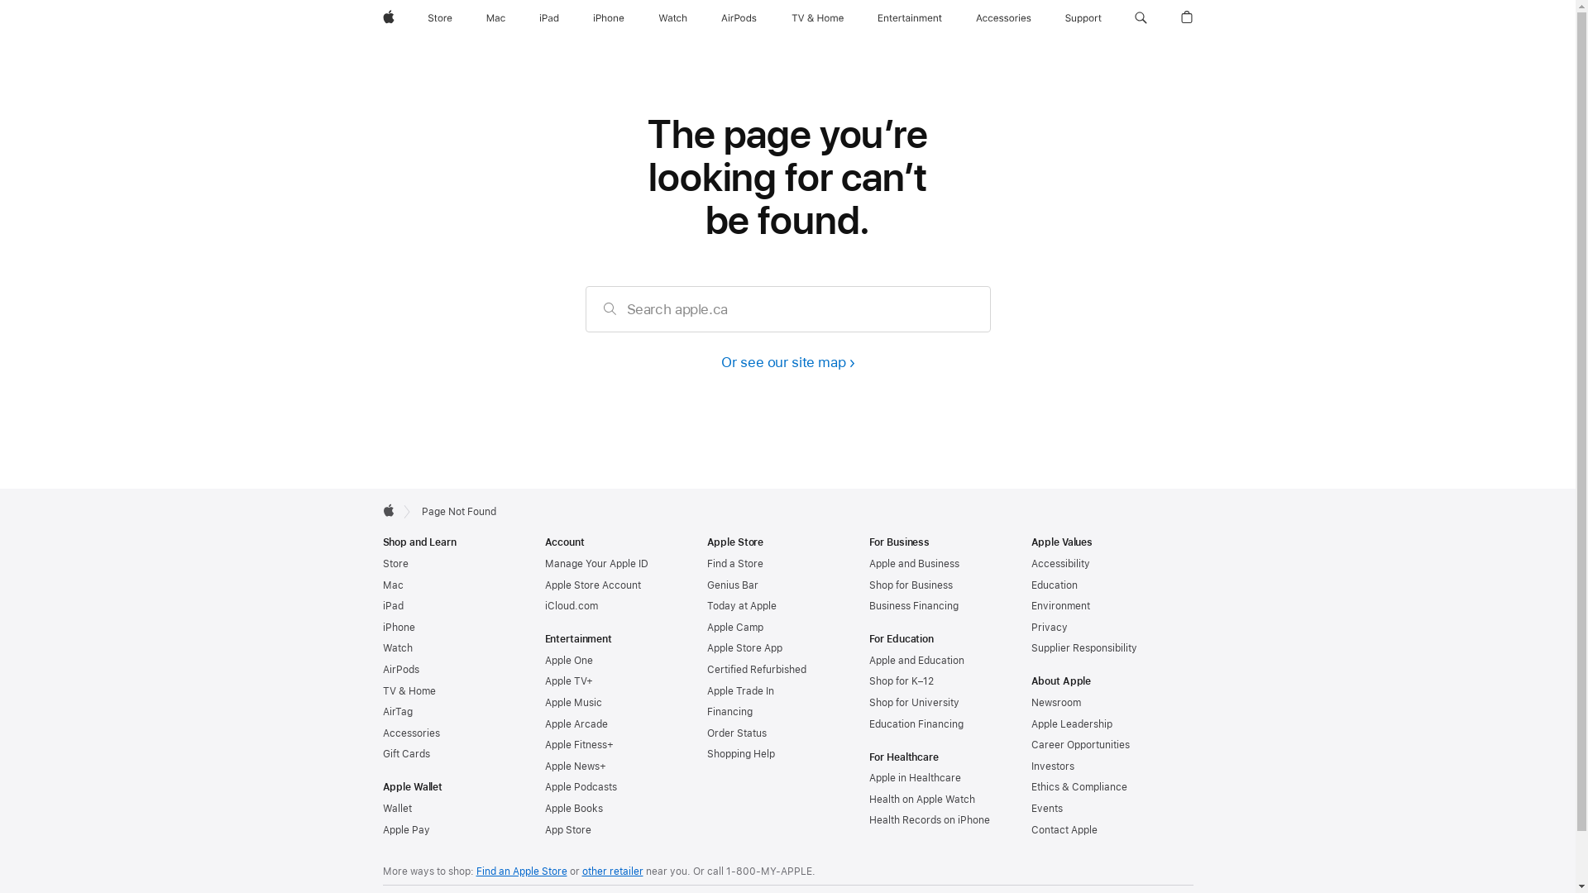 The width and height of the screenshot is (1588, 893). Describe the element at coordinates (754, 670) in the screenshot. I see `'Certified Refurbished'` at that location.